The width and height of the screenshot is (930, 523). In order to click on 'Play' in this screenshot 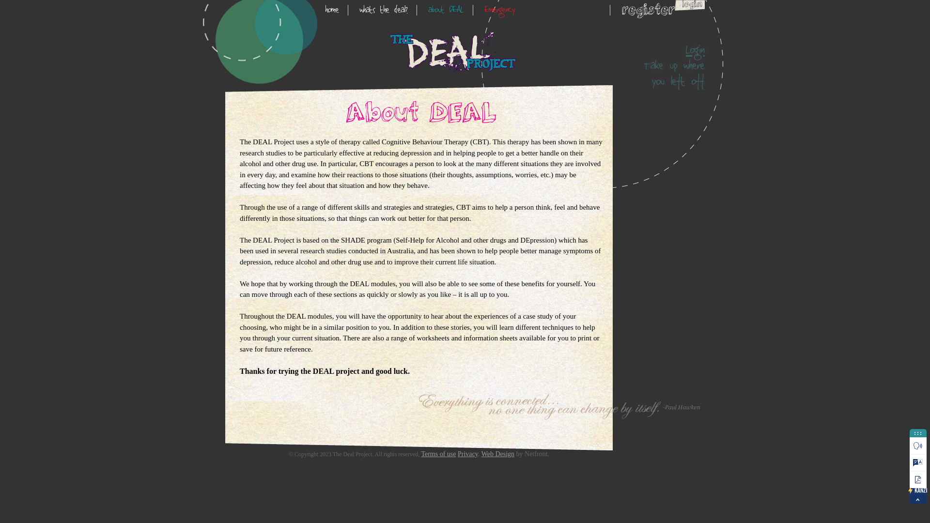, I will do `click(917, 445)`.